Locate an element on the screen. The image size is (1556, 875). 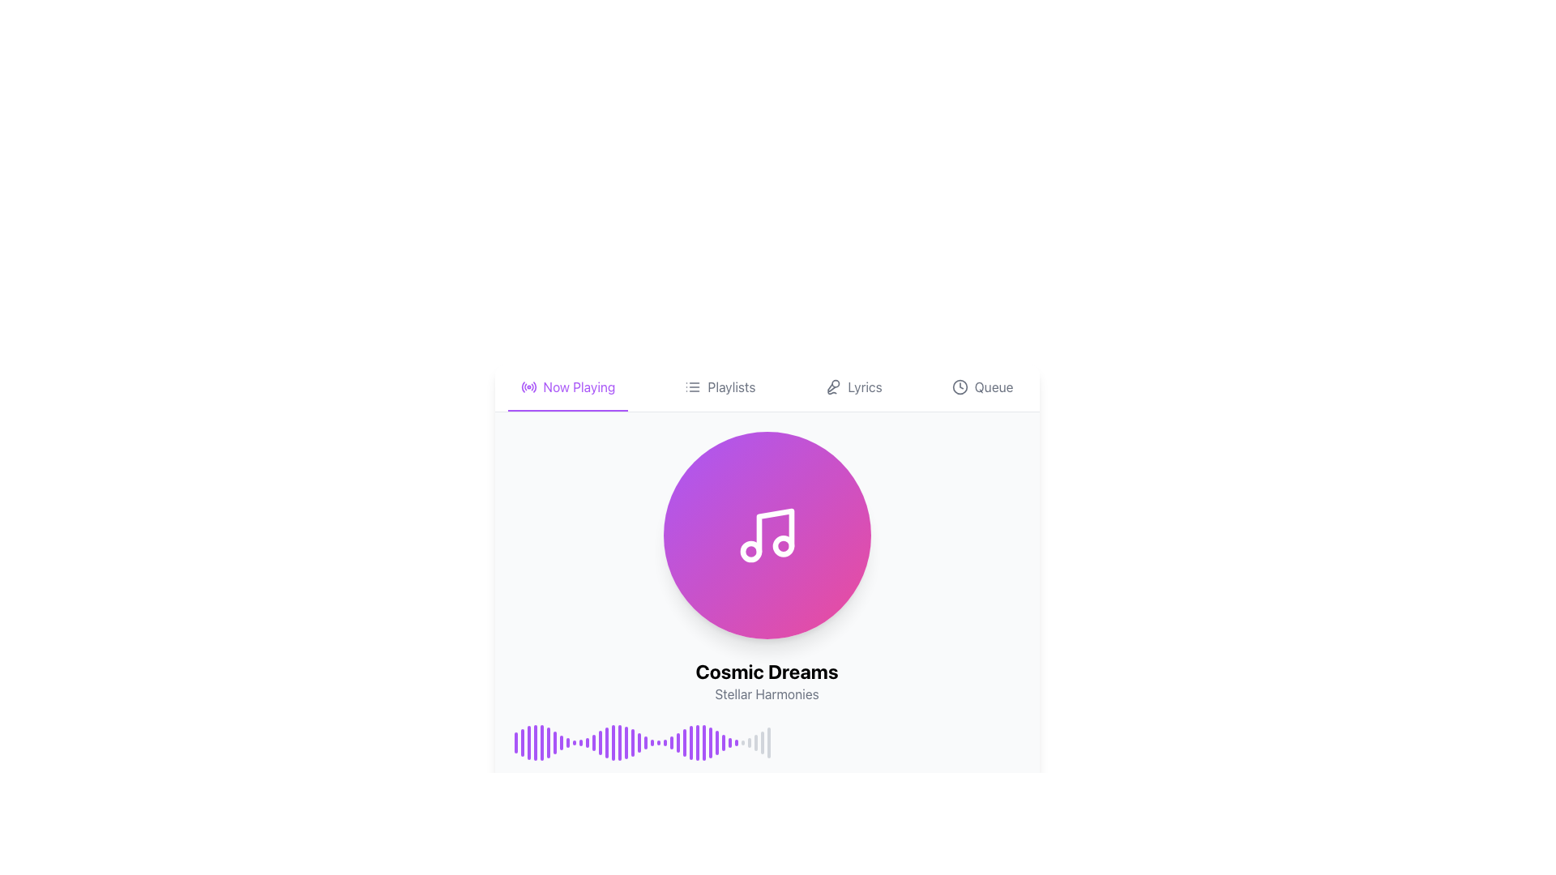
the second vertical purple progress bar with rounded ends, which is located below a circular icon and centered text is located at coordinates (522, 743).